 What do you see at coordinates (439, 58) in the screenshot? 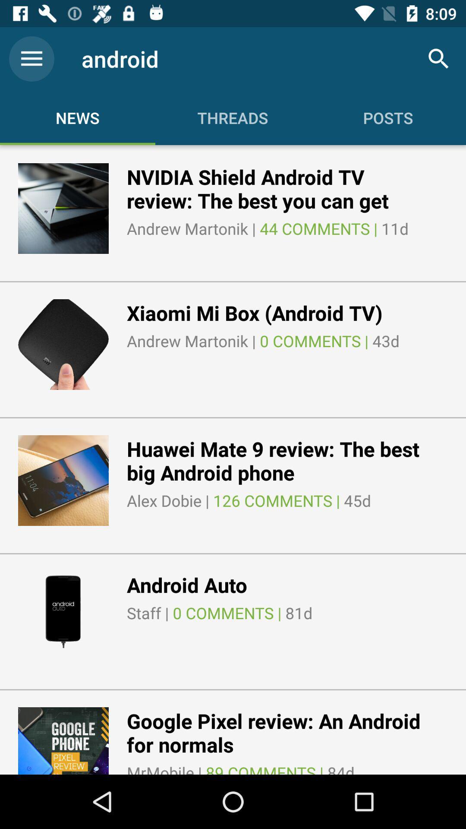
I see `the item above the posts icon` at bounding box center [439, 58].